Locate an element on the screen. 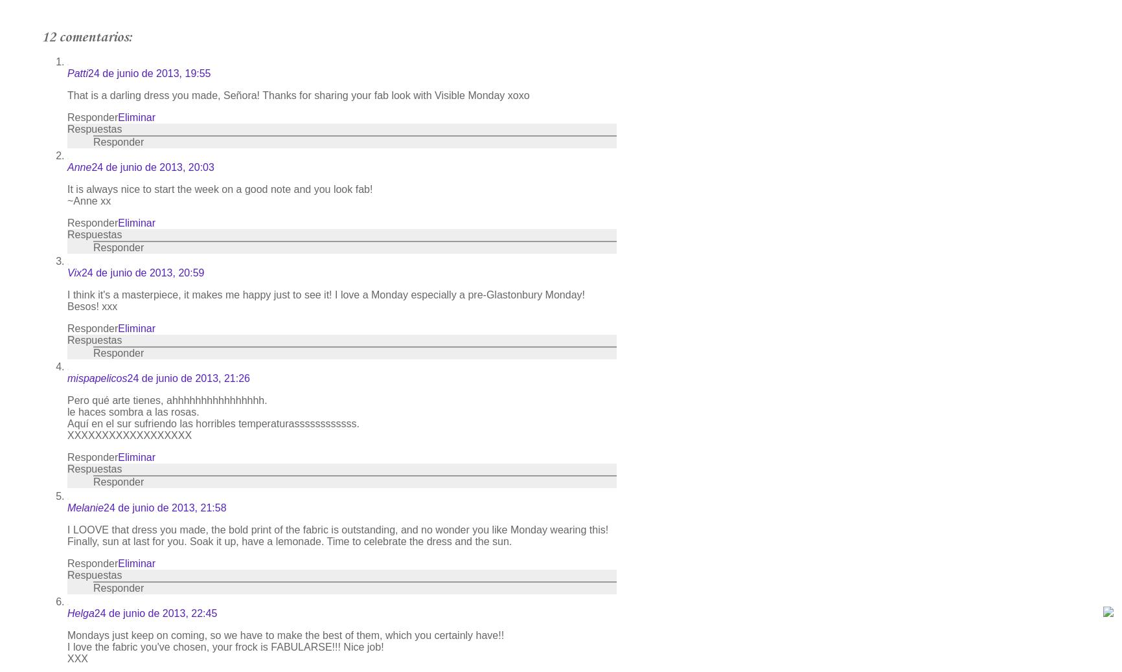 The width and height of the screenshot is (1122, 672). '~Anne xx' is located at coordinates (89, 201).